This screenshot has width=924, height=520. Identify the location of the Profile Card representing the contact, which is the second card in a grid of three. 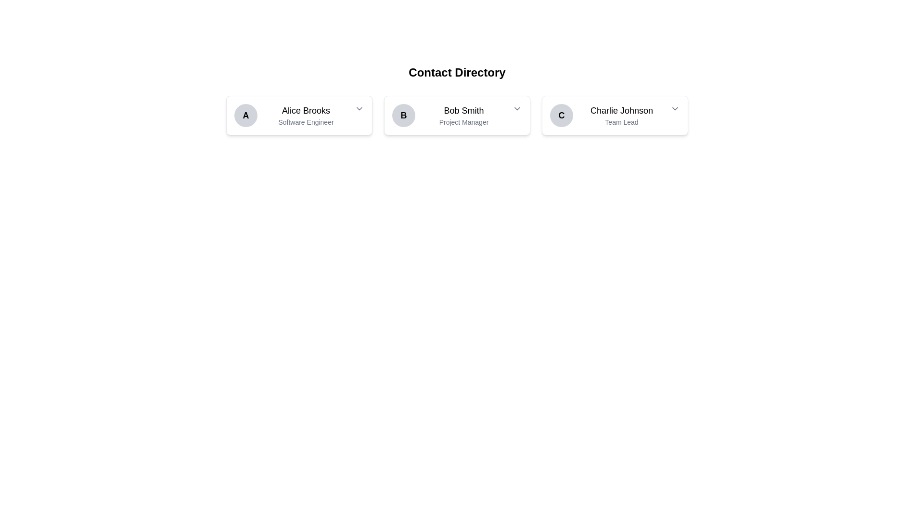
(457, 115).